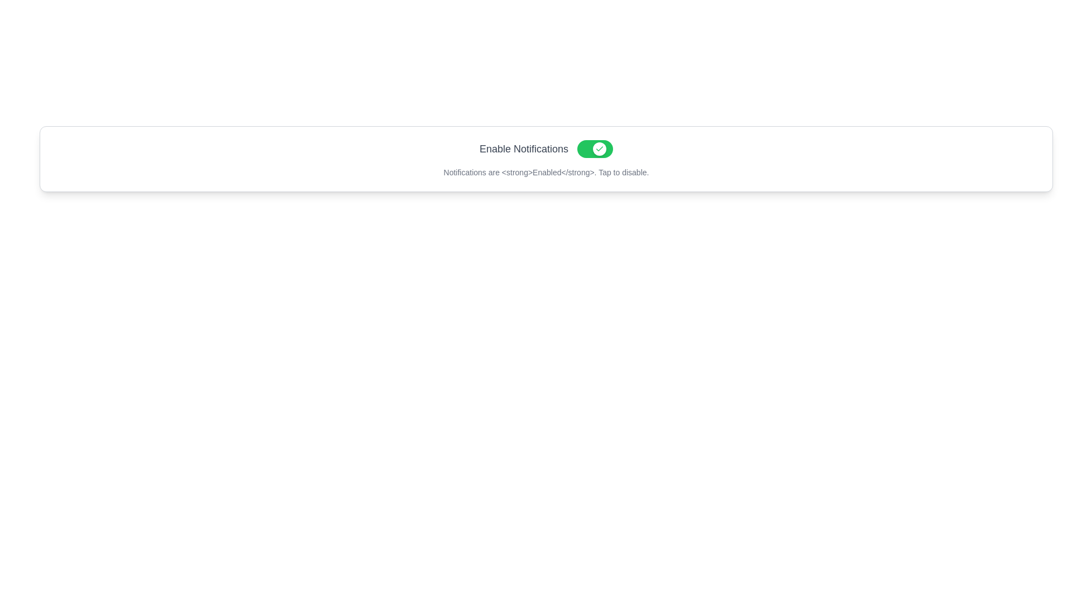 The width and height of the screenshot is (1072, 603). I want to click on the checkmark icon within the green toggle switch indicating the 'enabled' state for 'Enable Notifications', so click(599, 148).